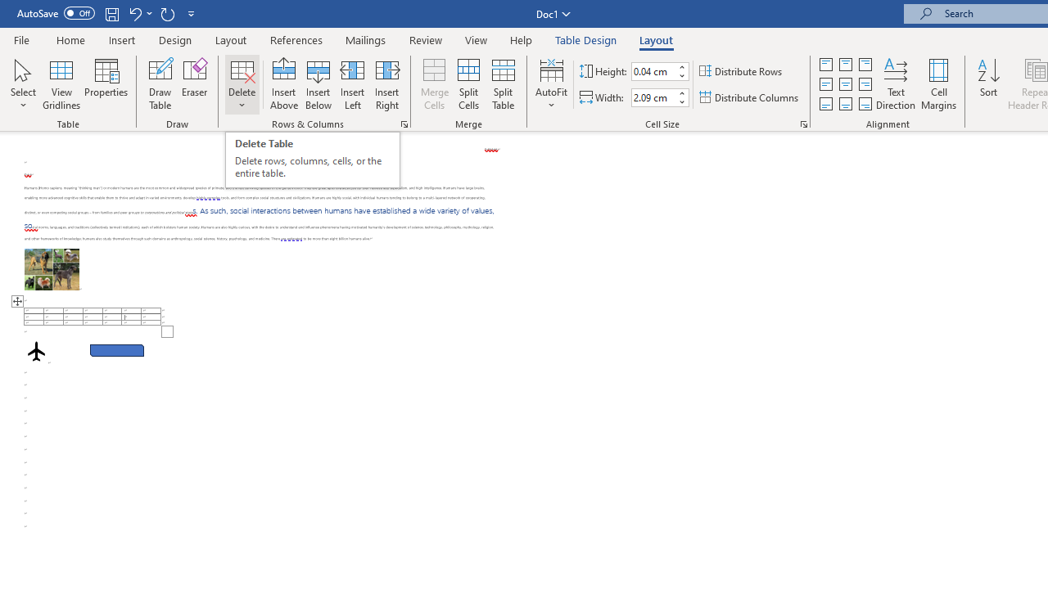 The width and height of the screenshot is (1048, 589). I want to click on 'Align Top Justified', so click(826, 64).